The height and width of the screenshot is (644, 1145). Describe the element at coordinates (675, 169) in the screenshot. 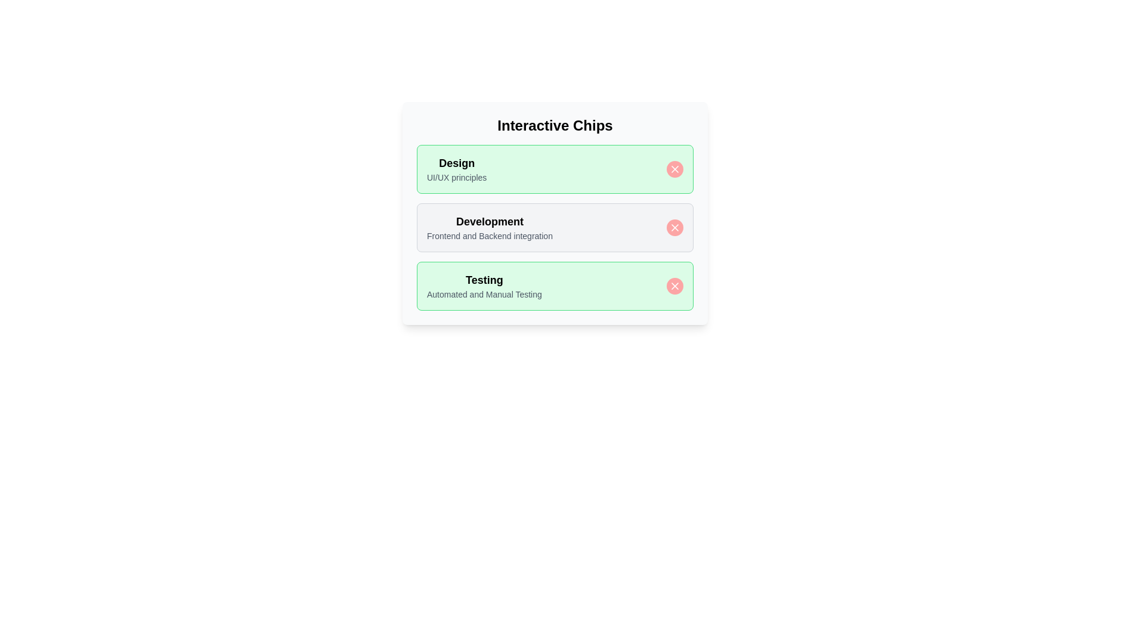

I see `close button of the chip labeled Design` at that location.